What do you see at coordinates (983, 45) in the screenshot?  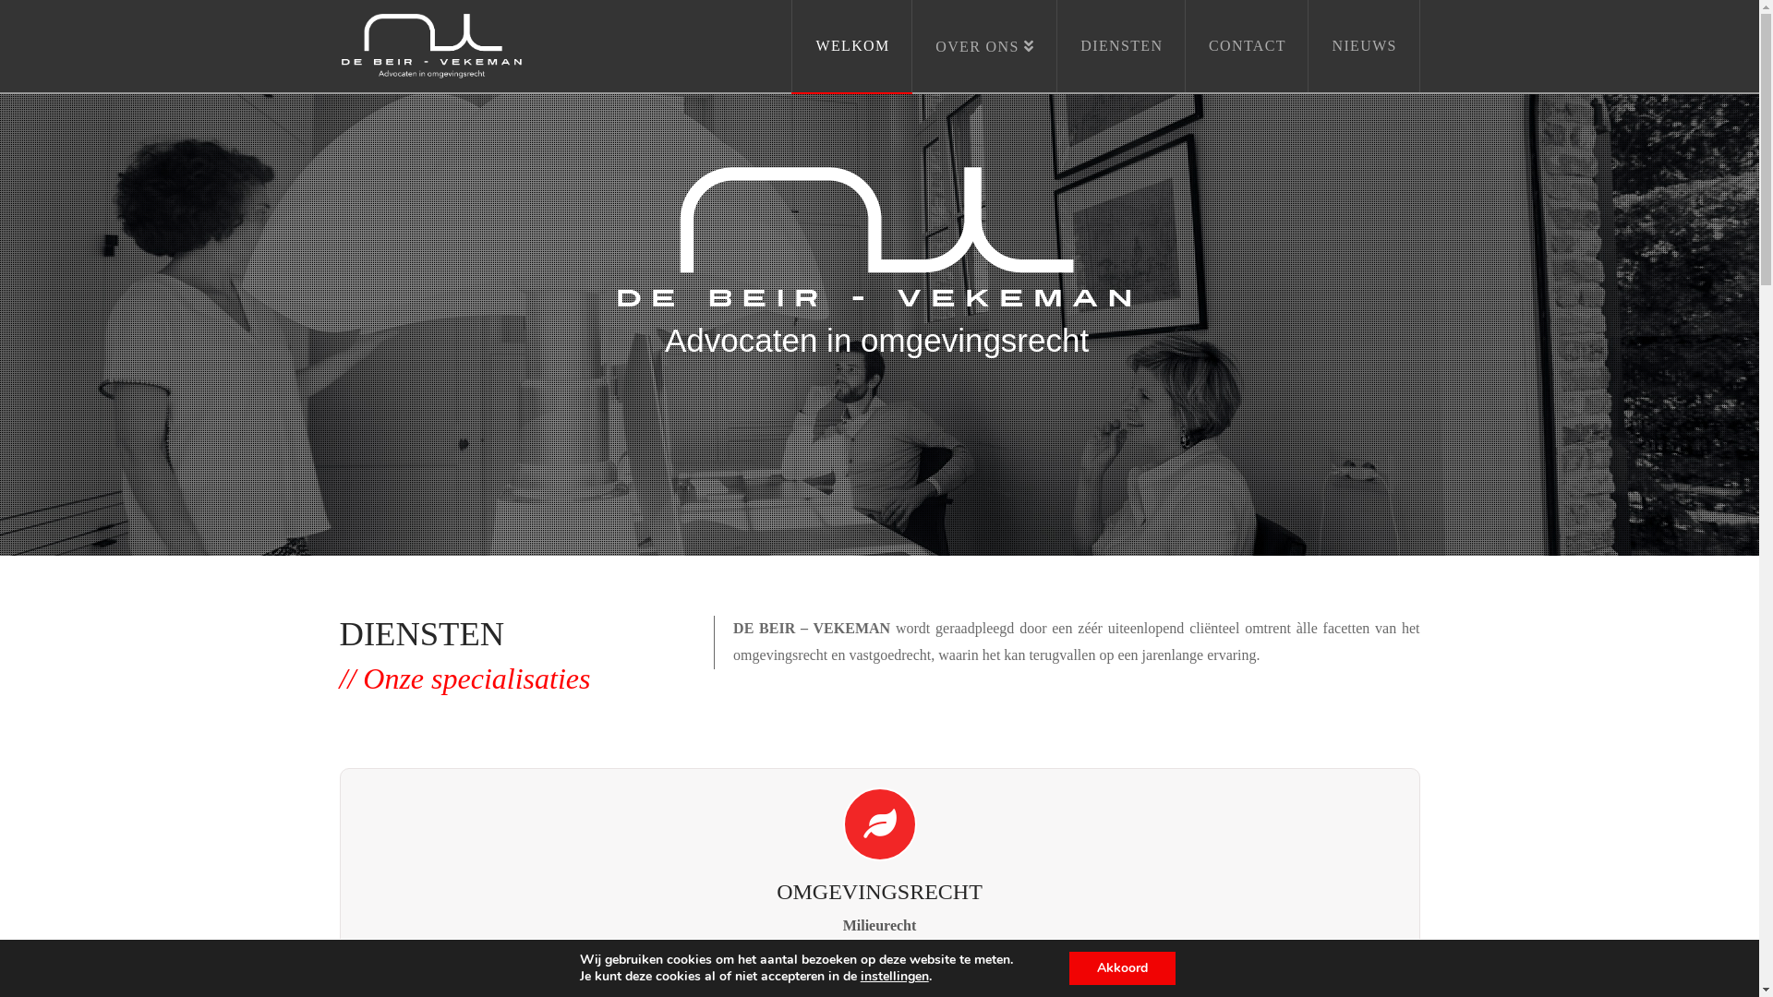 I see `'OVER ONS'` at bounding box center [983, 45].